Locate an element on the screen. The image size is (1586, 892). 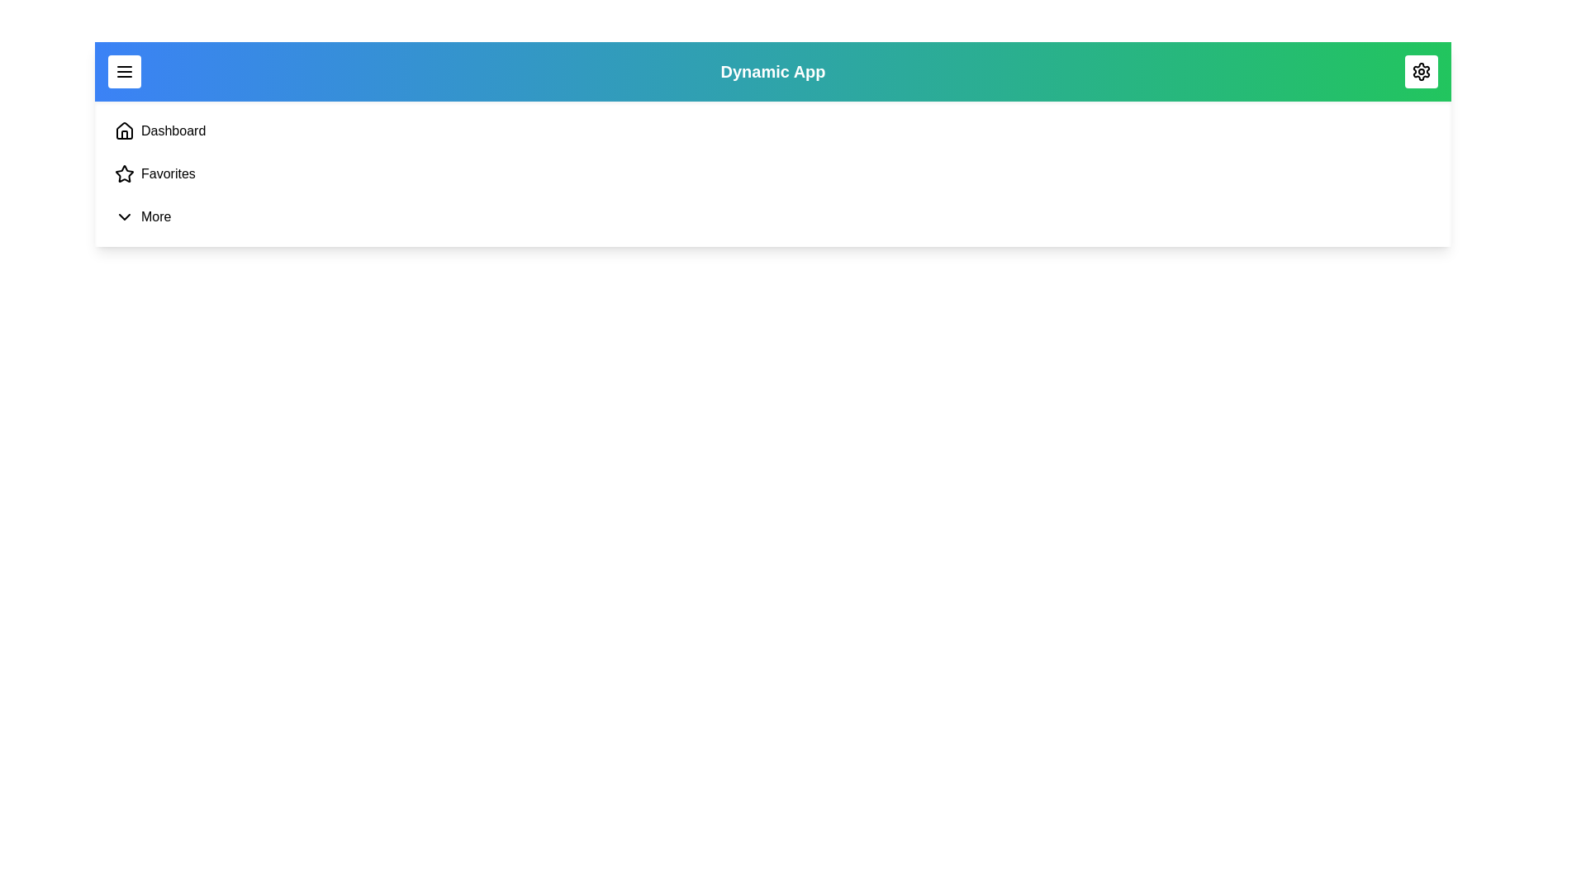
the navigation link labeled Dashboard is located at coordinates (173, 130).